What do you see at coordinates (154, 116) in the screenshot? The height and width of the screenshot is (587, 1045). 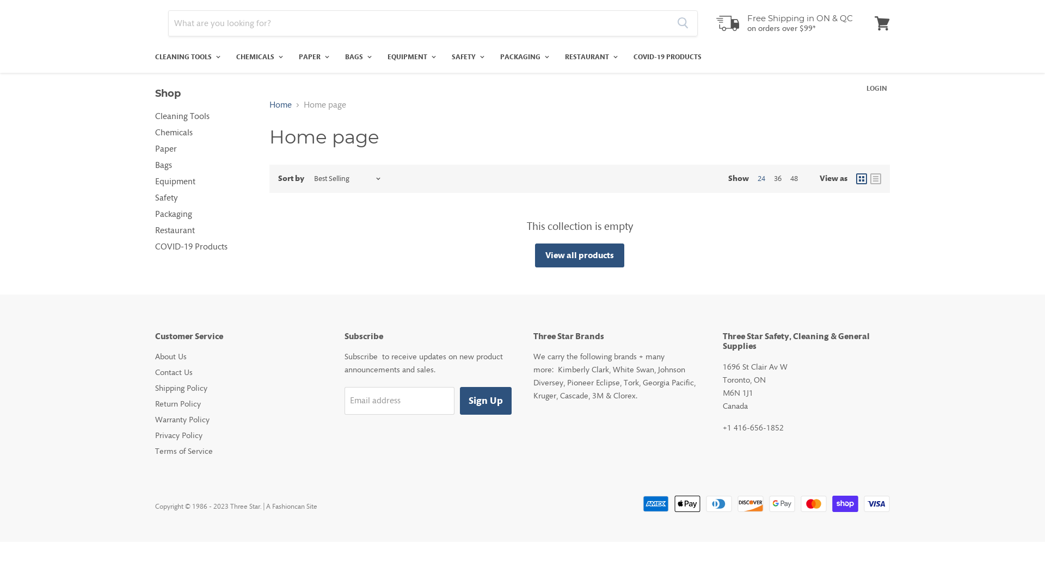 I see `'Cleaning Tools'` at bounding box center [154, 116].